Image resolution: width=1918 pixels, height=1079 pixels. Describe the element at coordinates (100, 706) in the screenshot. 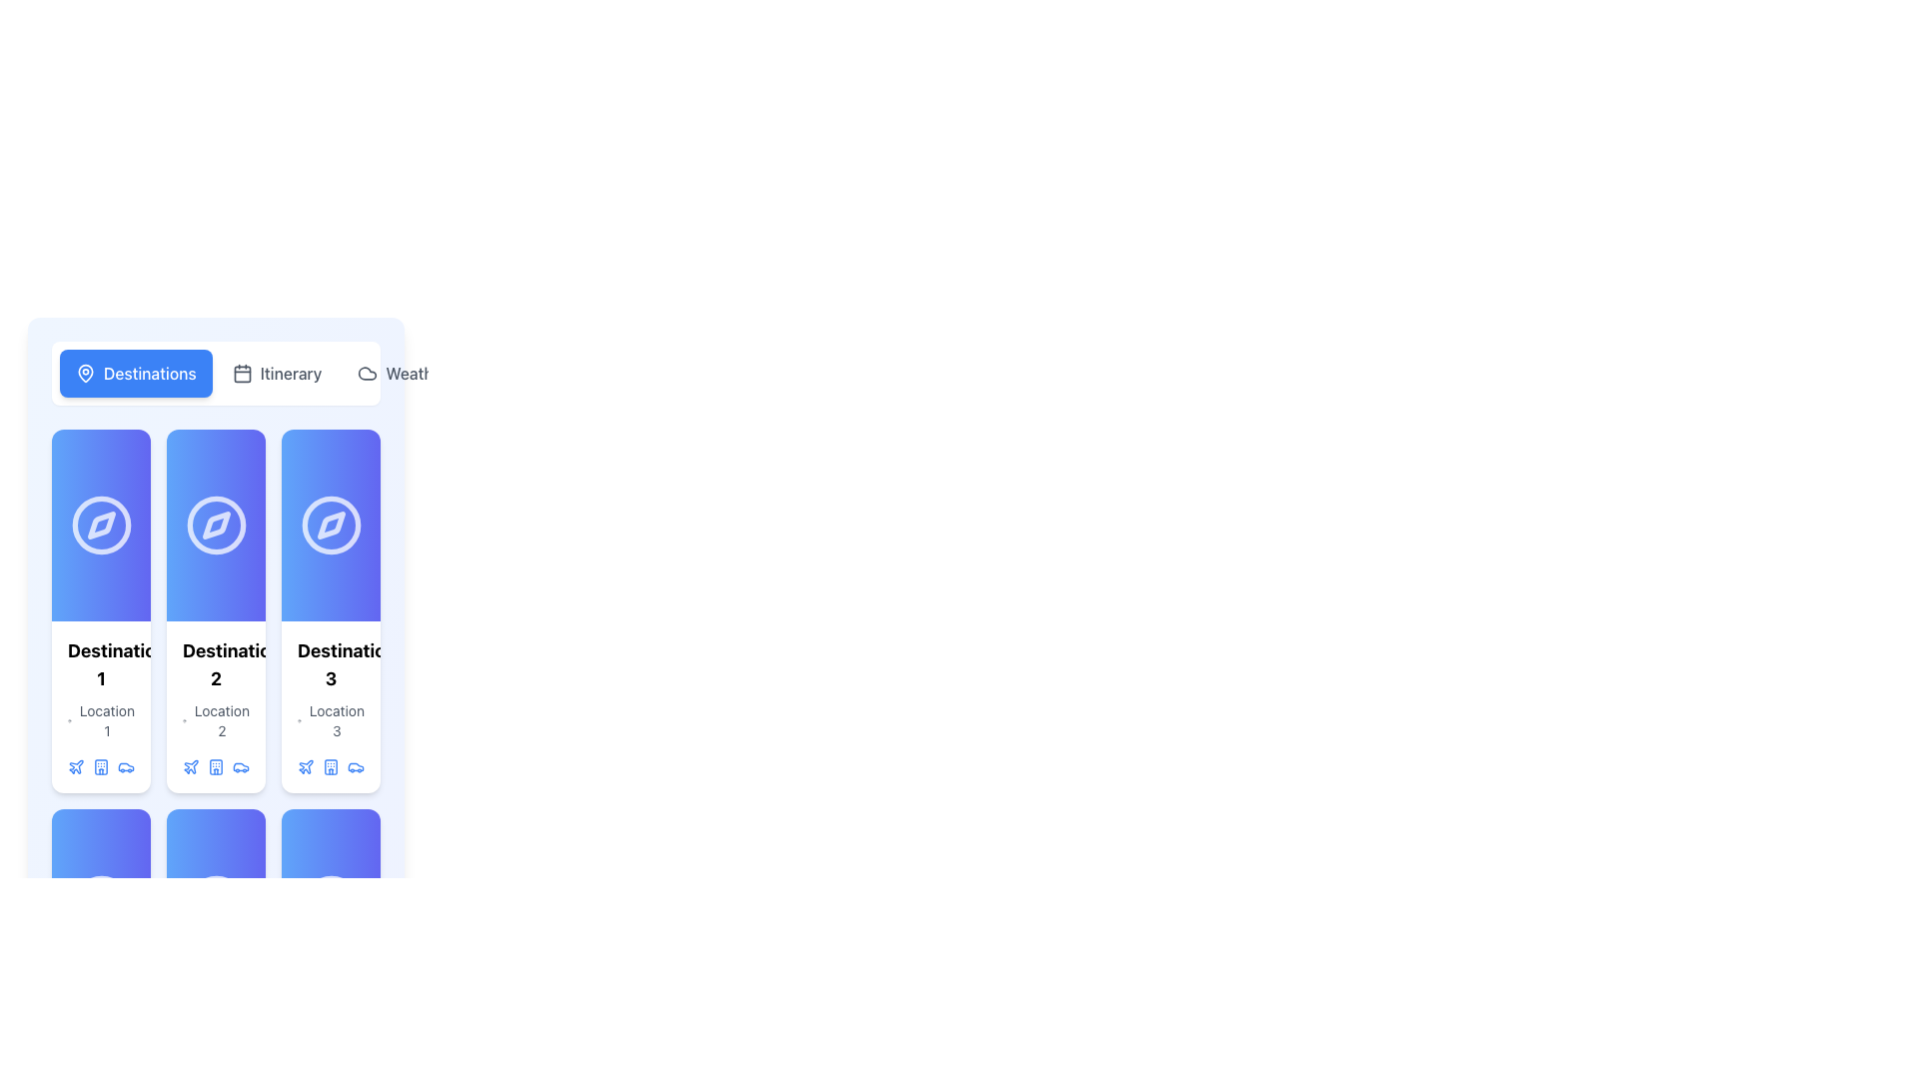

I see `the text block displaying the title 'Destination 1' and subtitle 'Location 1', which is located at the bottom section of the first card in a vertically stacked details section` at that location.